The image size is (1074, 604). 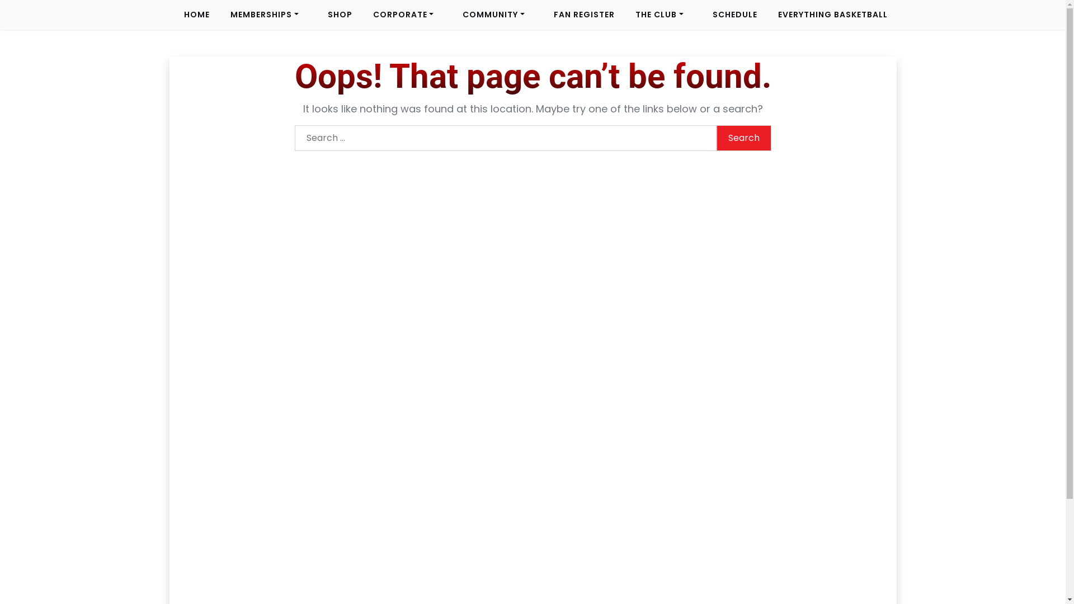 What do you see at coordinates (583, 15) in the screenshot?
I see `'FAN REGISTER'` at bounding box center [583, 15].